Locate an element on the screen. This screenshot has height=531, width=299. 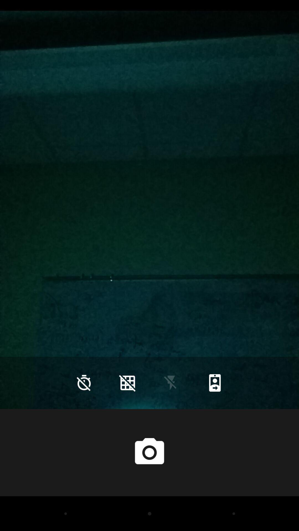
the flash icon is located at coordinates (171, 382).